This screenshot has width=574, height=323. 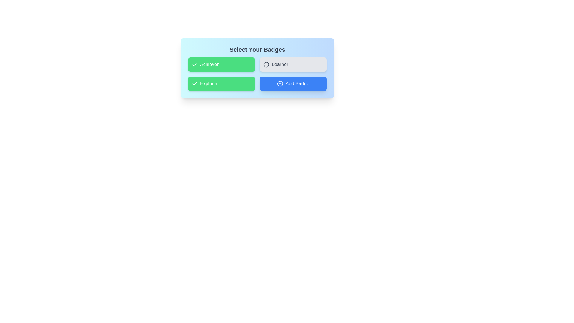 What do you see at coordinates (221, 84) in the screenshot?
I see `the badge Explorer to observe its animation effect` at bounding box center [221, 84].